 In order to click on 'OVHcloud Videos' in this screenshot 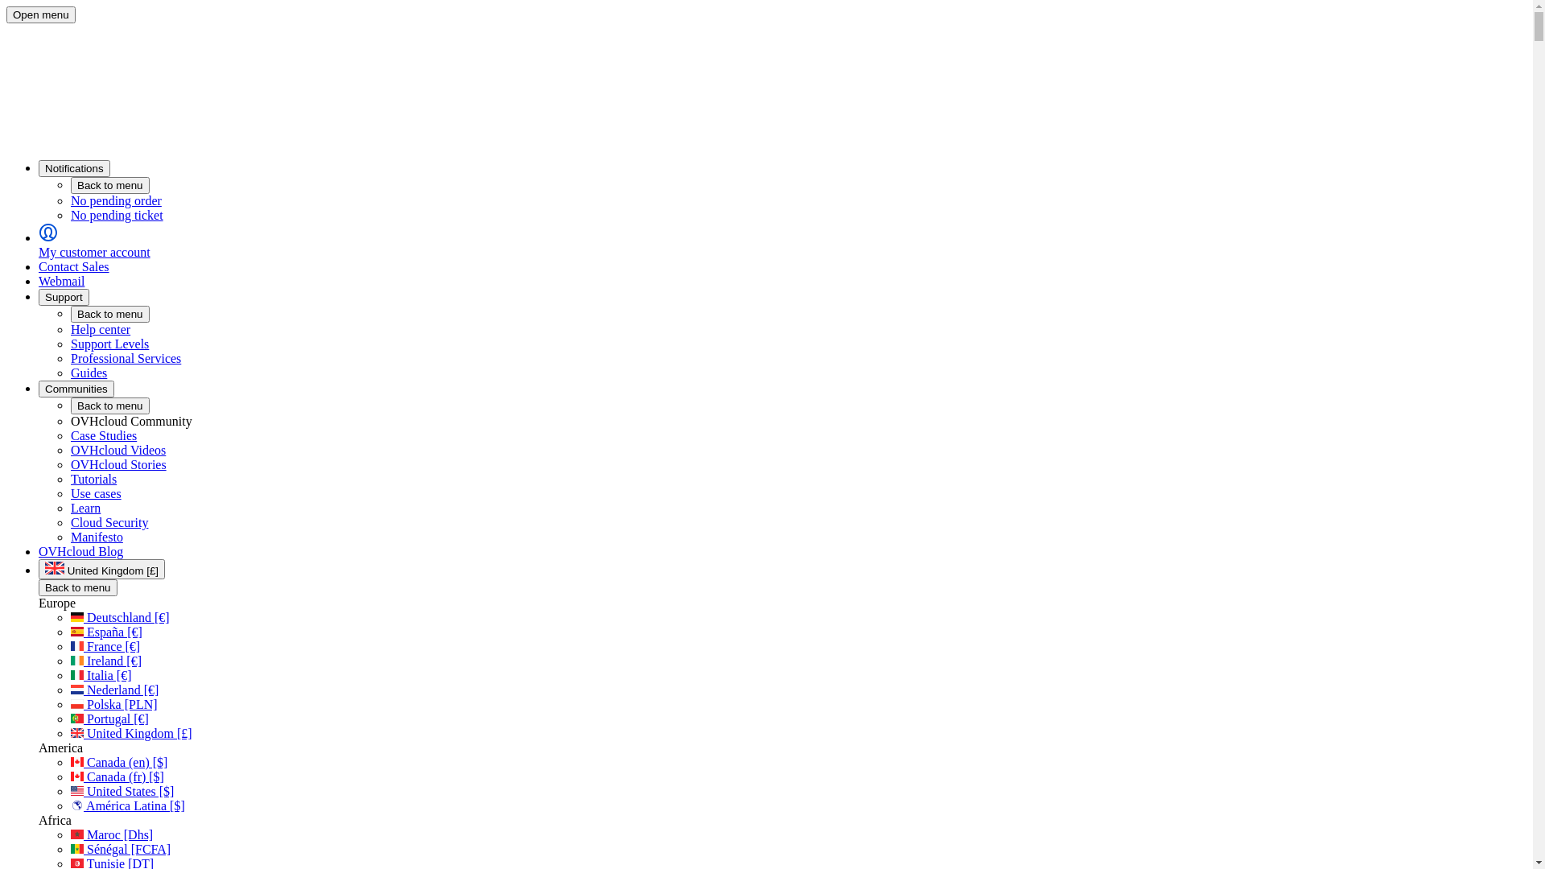, I will do `click(69, 450)`.